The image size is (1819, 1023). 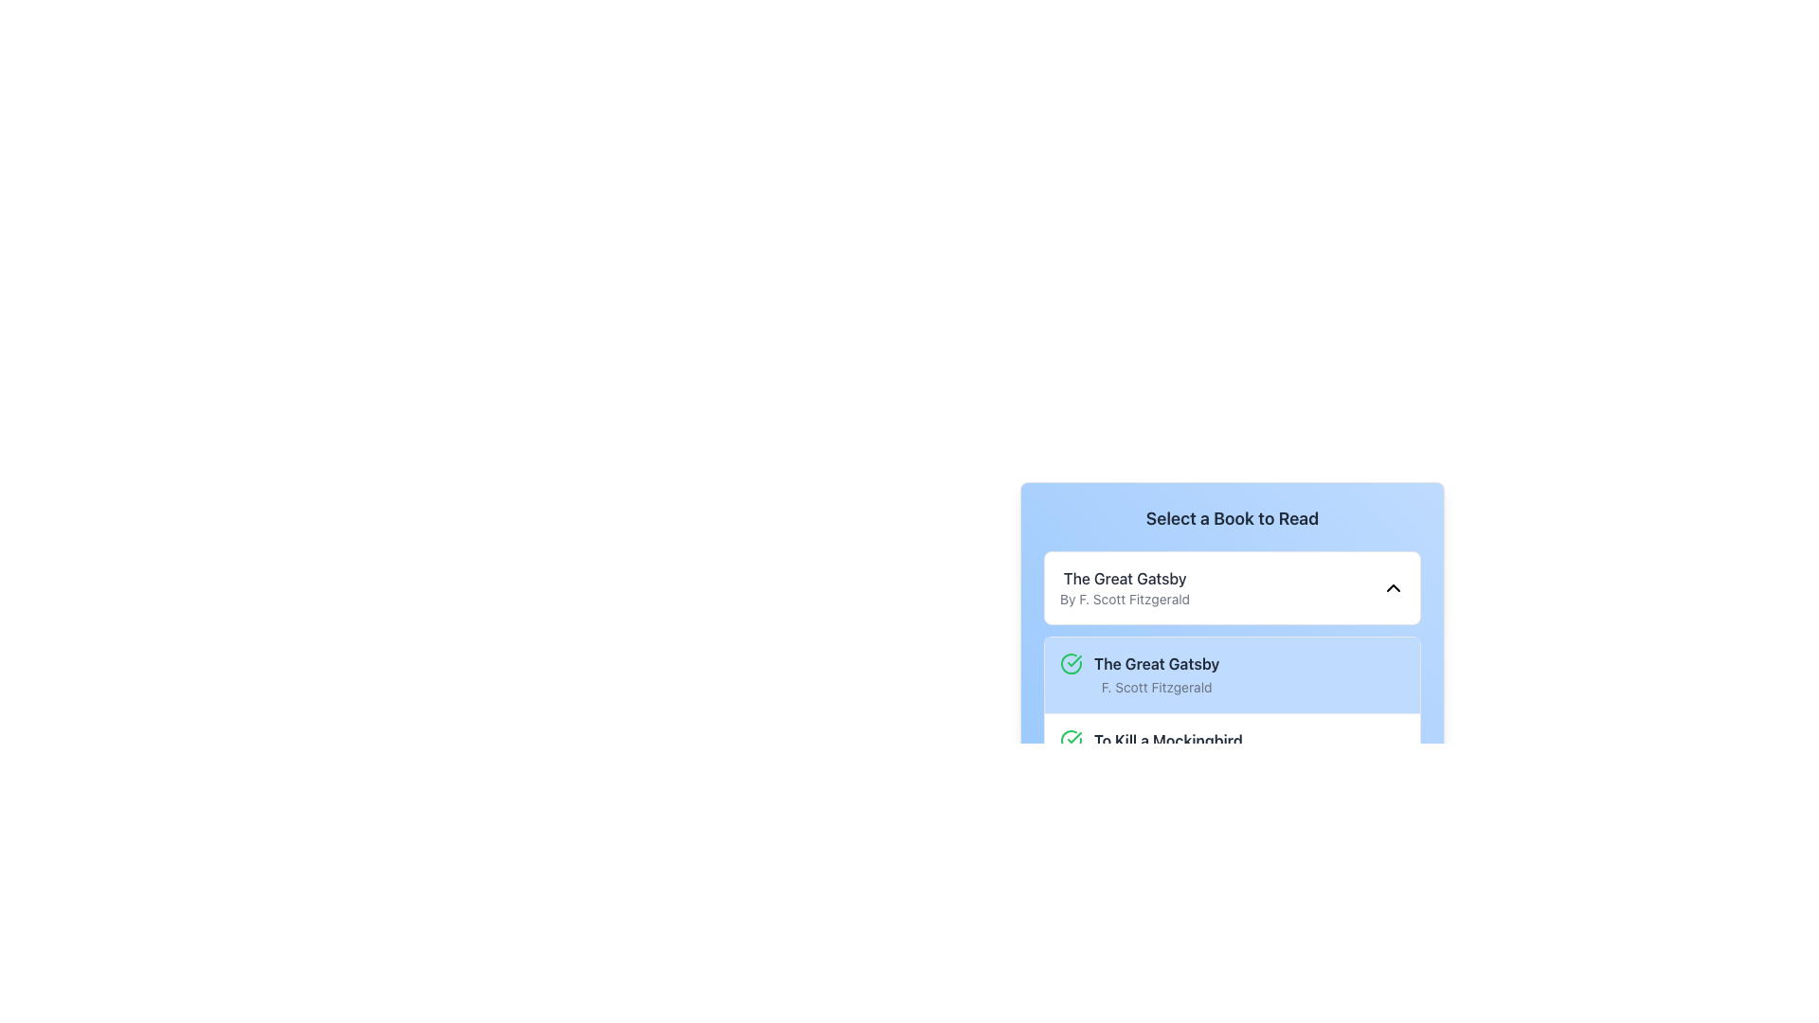 I want to click on the selectable list item for the book 'To Kill a Mockingbird', so click(x=1232, y=750).